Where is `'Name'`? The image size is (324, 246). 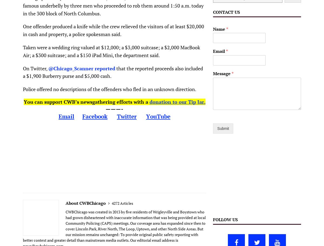 'Name' is located at coordinates (219, 29).